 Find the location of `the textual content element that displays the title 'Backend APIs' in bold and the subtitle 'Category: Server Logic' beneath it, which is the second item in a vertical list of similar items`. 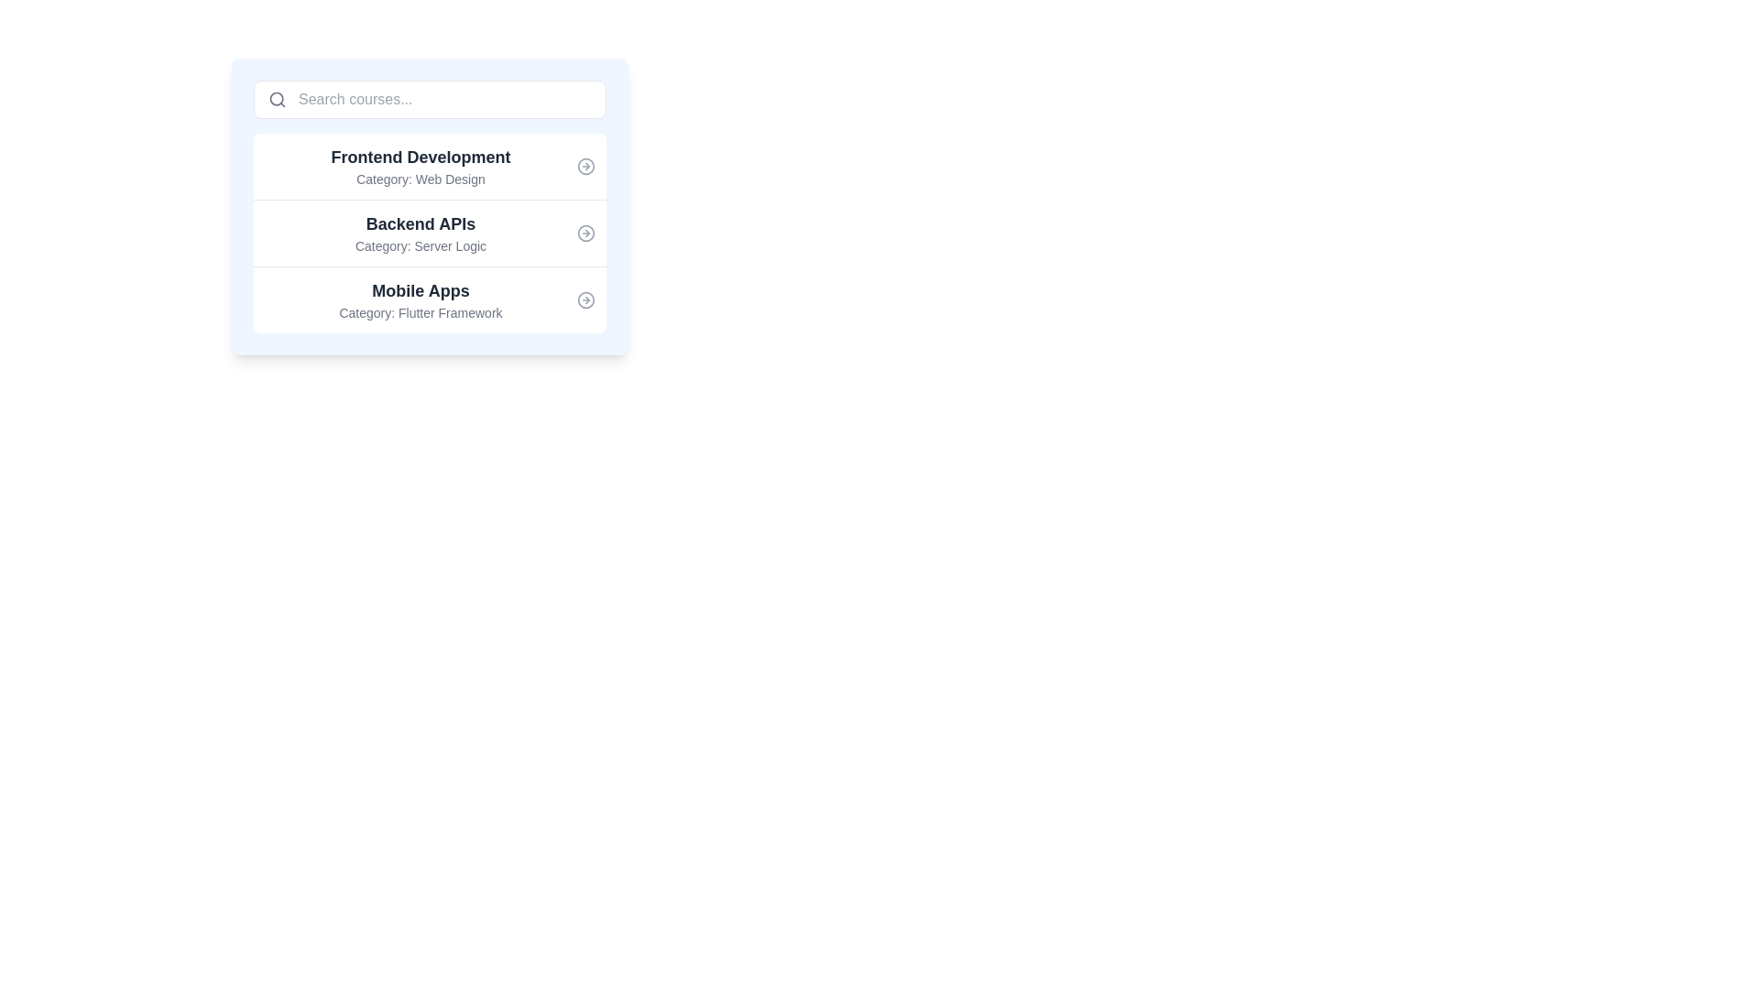

the textual content element that displays the title 'Backend APIs' in bold and the subtitle 'Category: Server Logic' beneath it, which is the second item in a vertical list of similar items is located at coordinates (420, 232).